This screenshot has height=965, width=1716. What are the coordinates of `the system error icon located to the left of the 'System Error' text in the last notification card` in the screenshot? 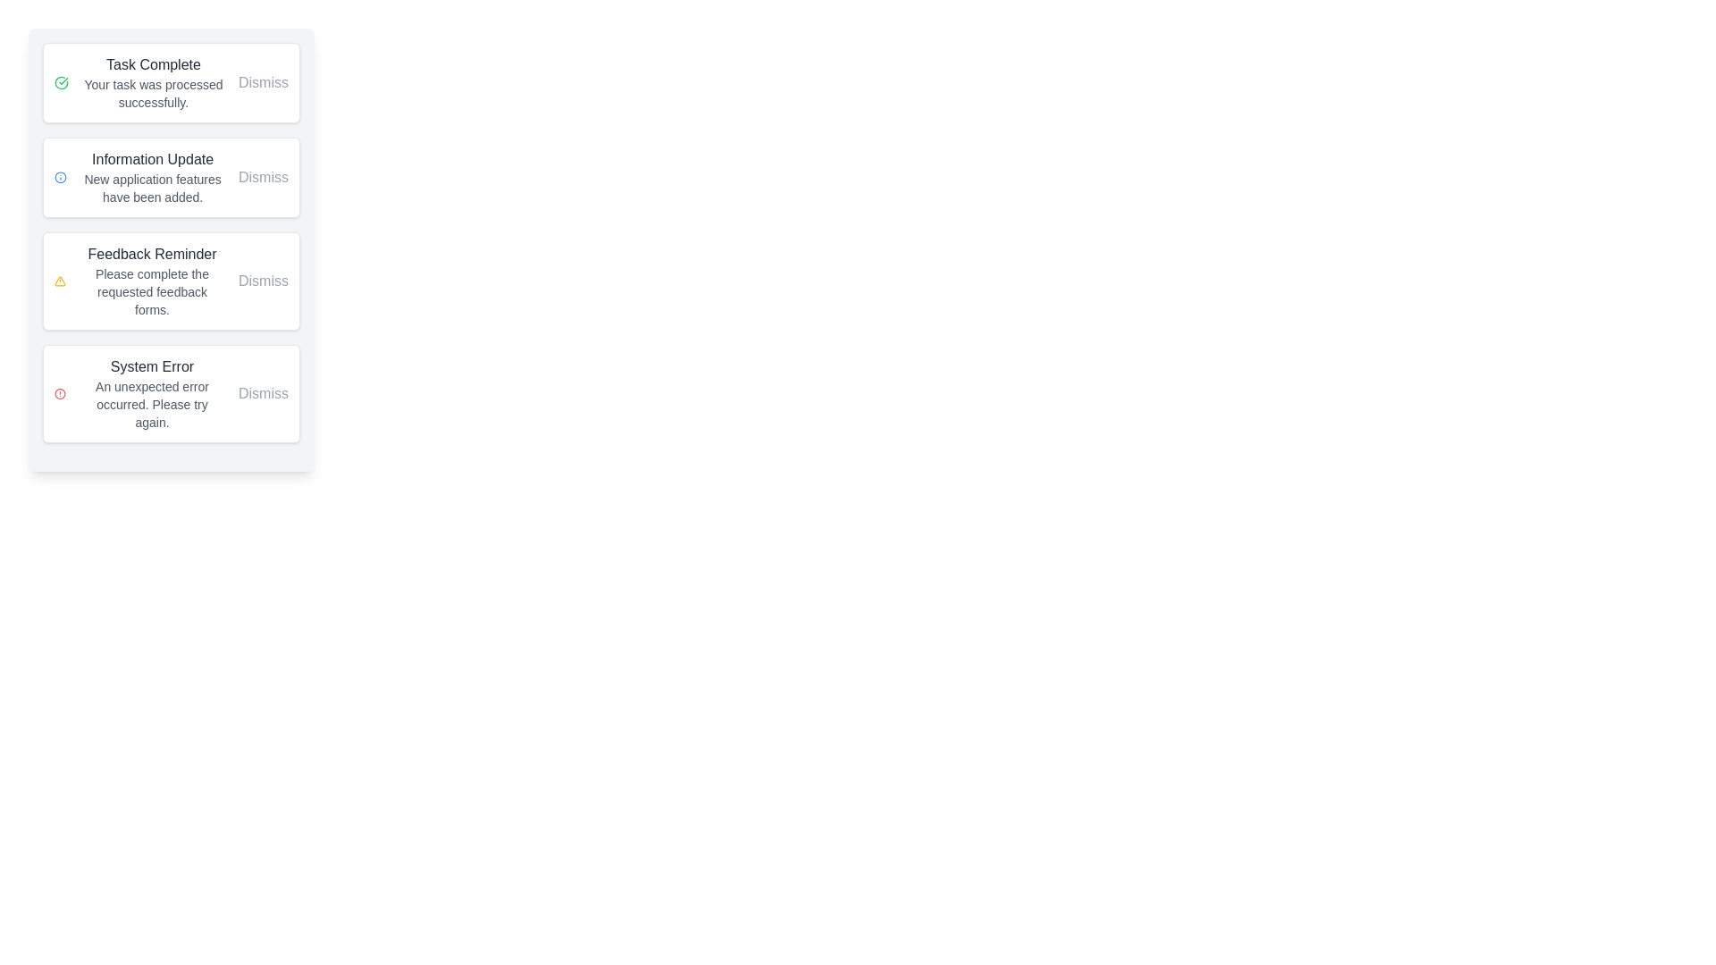 It's located at (60, 392).